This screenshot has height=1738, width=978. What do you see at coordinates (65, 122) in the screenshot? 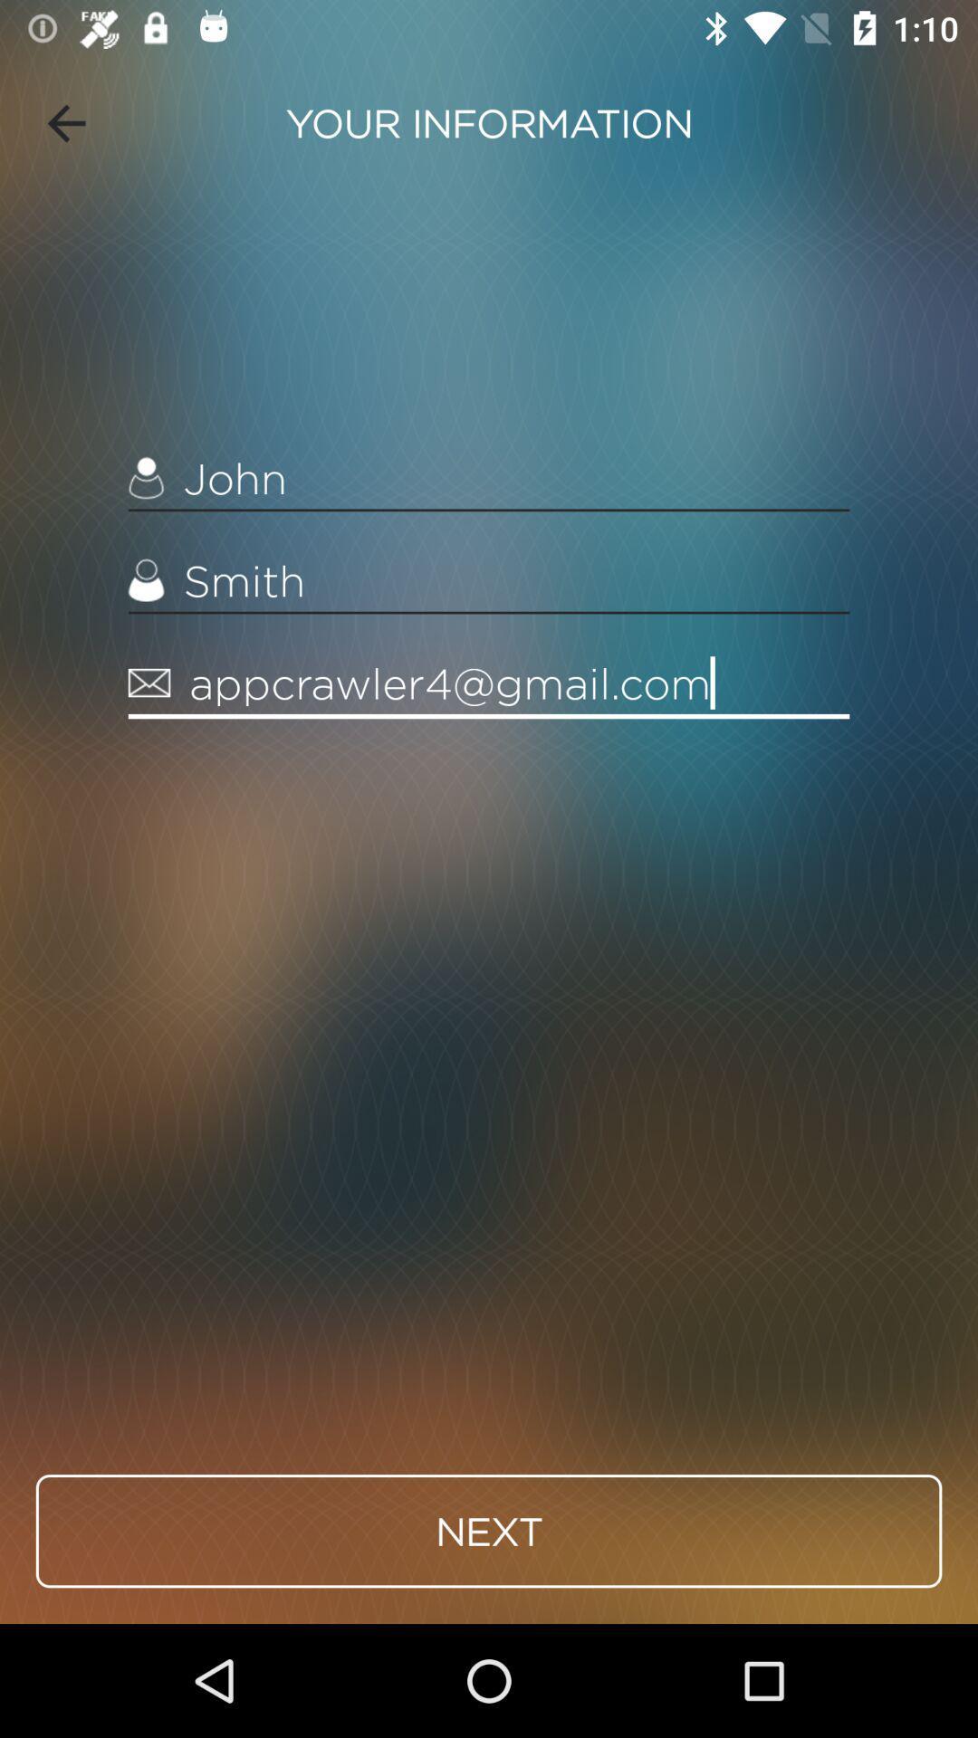
I see `icon to the left of your information` at bounding box center [65, 122].